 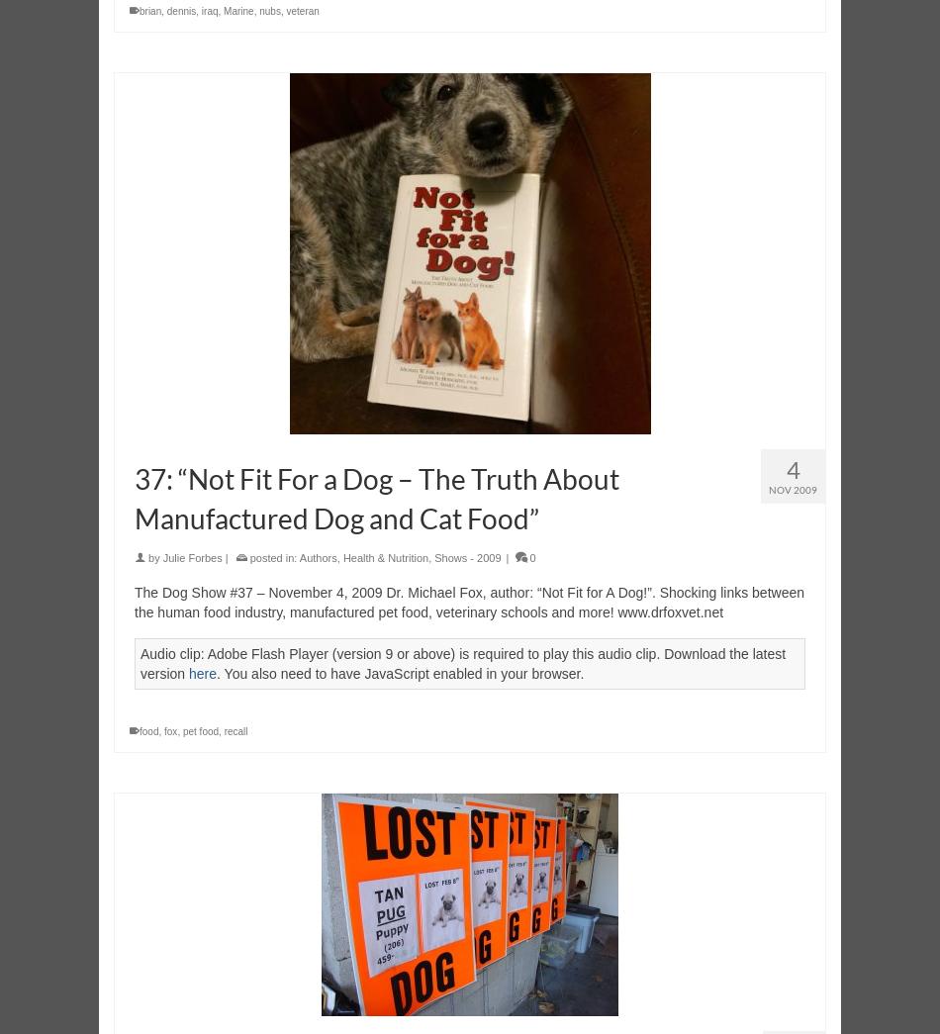 I want to click on 'veteran', so click(x=301, y=10).